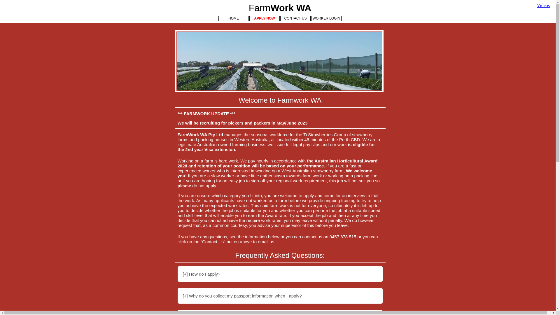 This screenshot has height=315, width=560. Describe the element at coordinates (279, 296) in the screenshot. I see `'[+] Why do you collect my passport information when I apply?'` at that location.